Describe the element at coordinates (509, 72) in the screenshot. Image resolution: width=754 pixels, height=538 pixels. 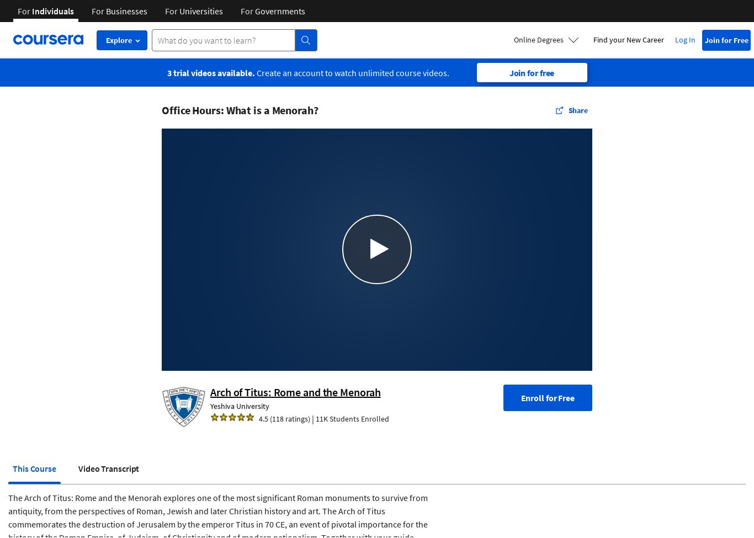
I see `'Join for free'` at that location.